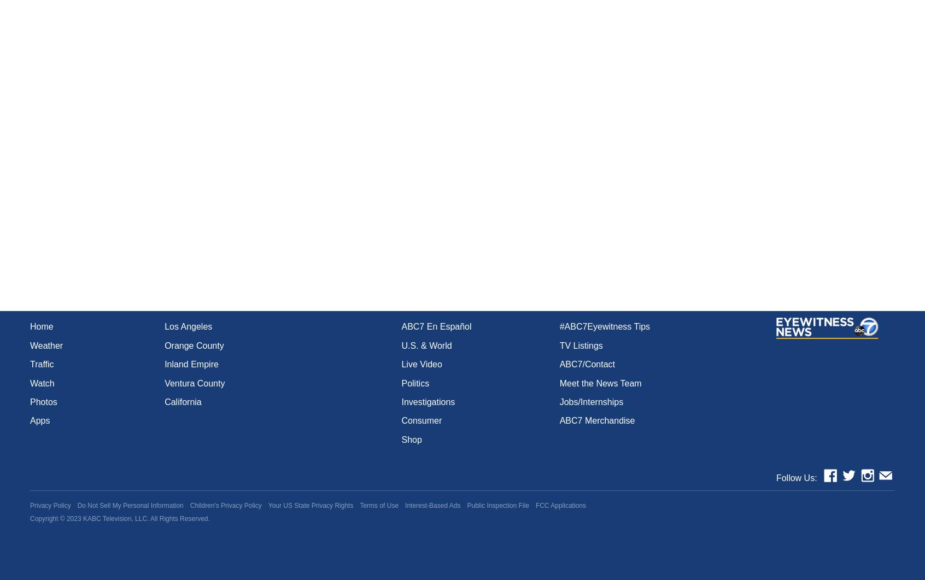 This screenshot has height=580, width=925. What do you see at coordinates (560, 505) in the screenshot?
I see `'FCC Applications'` at bounding box center [560, 505].